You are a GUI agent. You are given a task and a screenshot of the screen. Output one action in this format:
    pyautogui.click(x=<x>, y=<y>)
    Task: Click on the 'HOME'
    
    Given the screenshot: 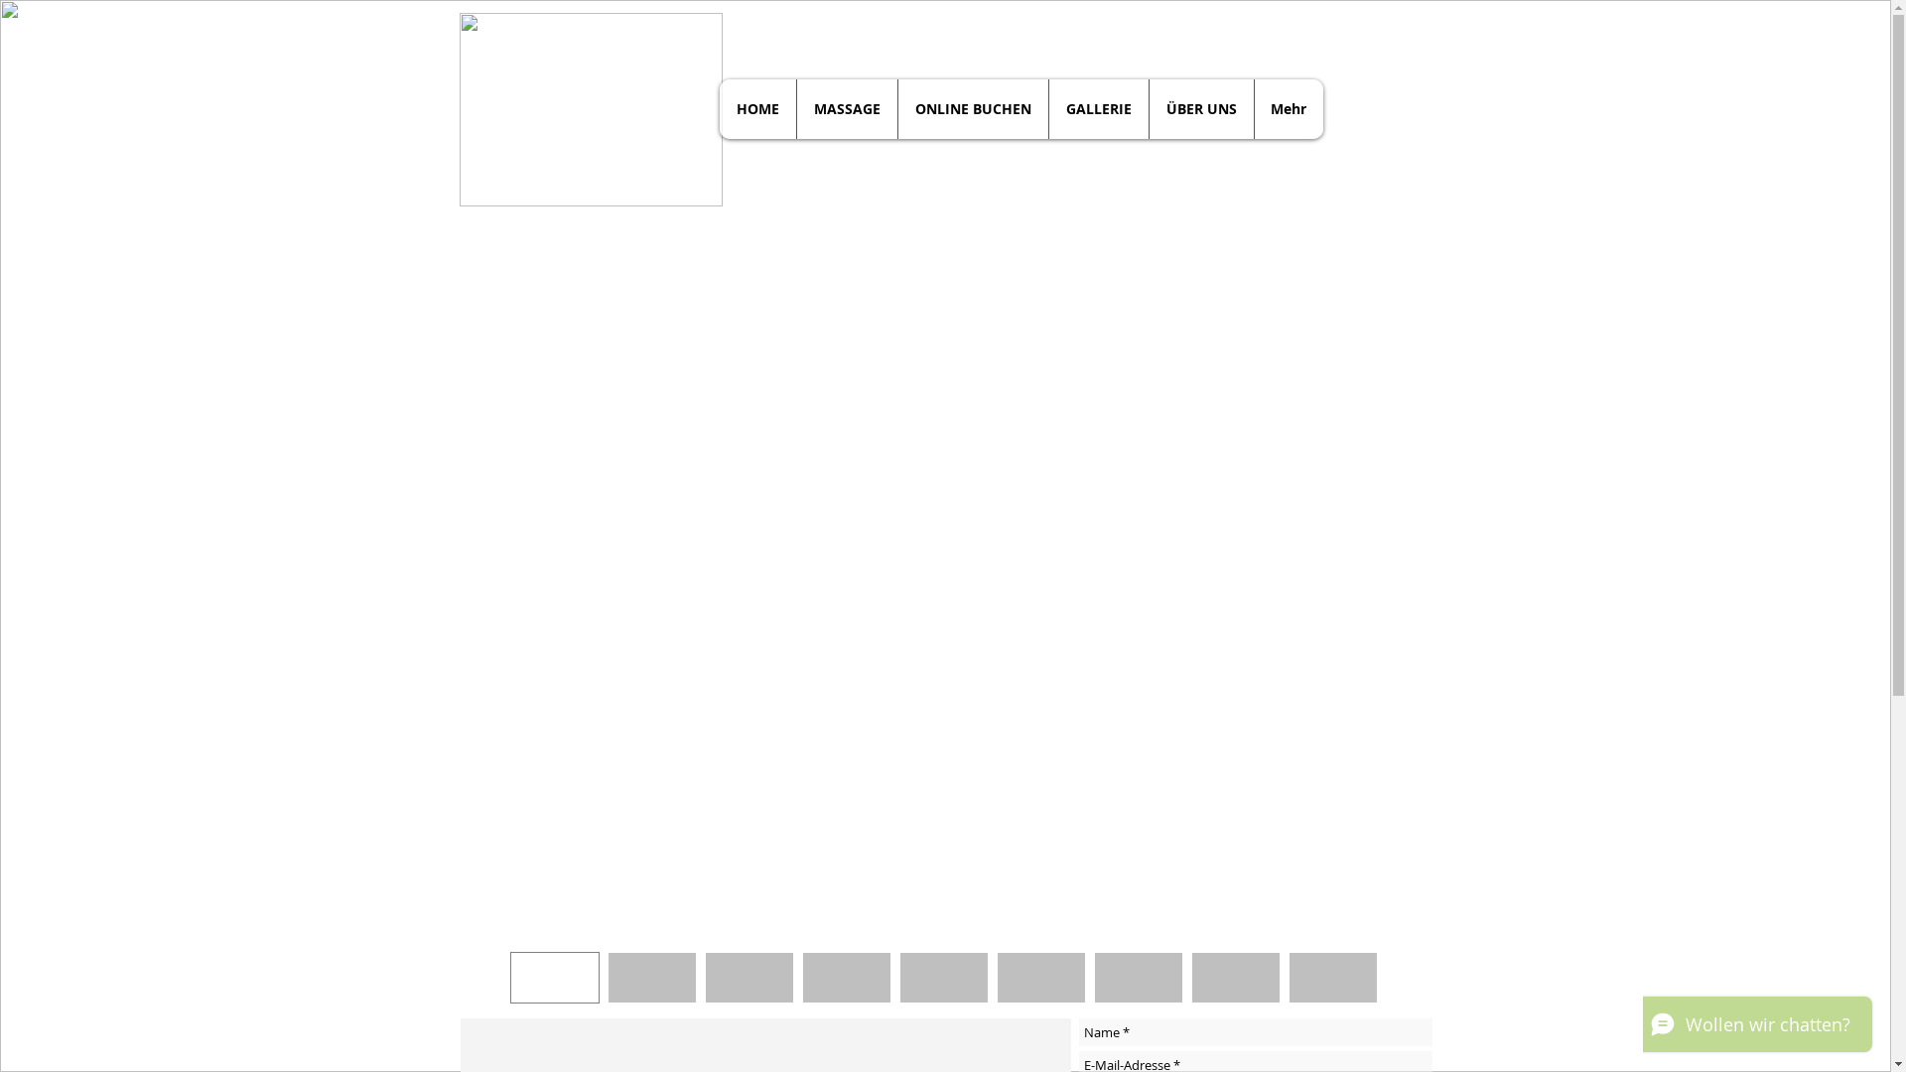 What is the action you would take?
    pyautogui.click(x=755, y=109)
    